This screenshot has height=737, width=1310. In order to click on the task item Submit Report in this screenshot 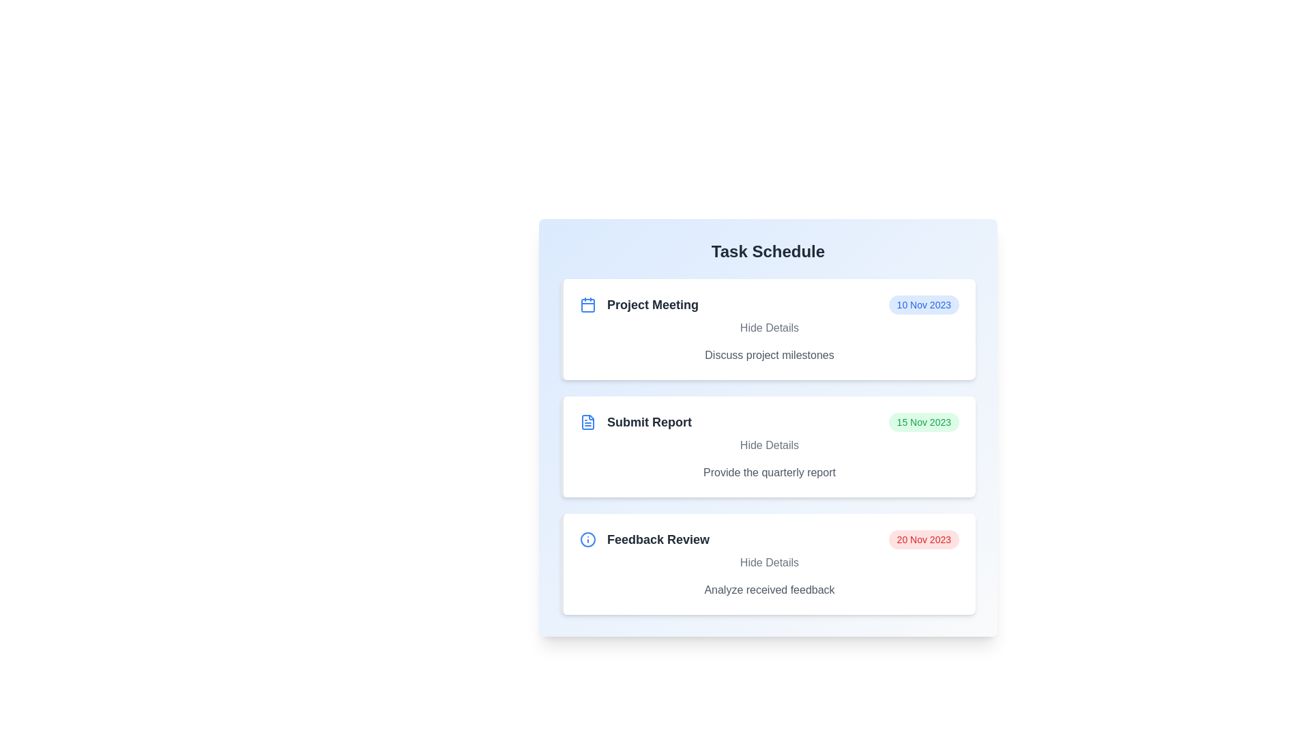, I will do `click(768, 447)`.